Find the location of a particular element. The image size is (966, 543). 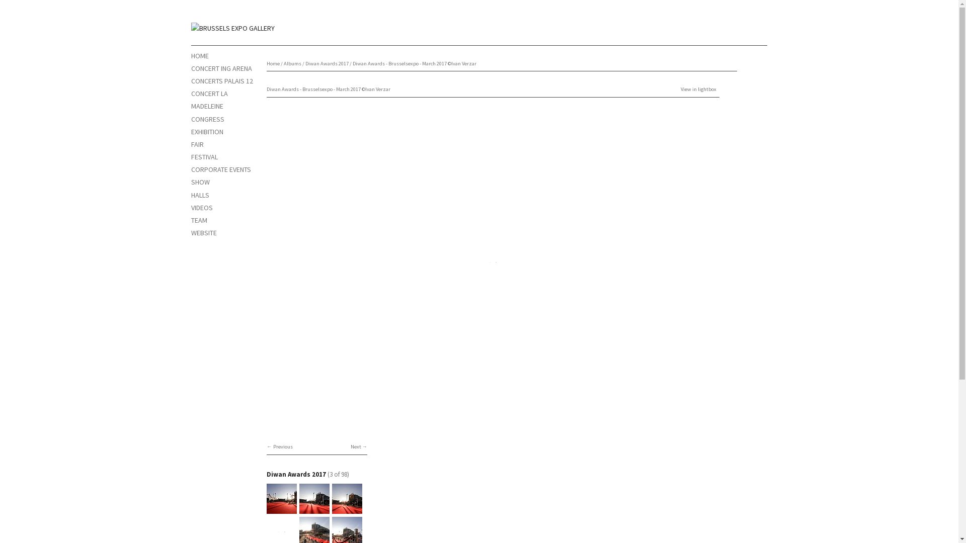

'EXHIBITION' is located at coordinates (191, 131).